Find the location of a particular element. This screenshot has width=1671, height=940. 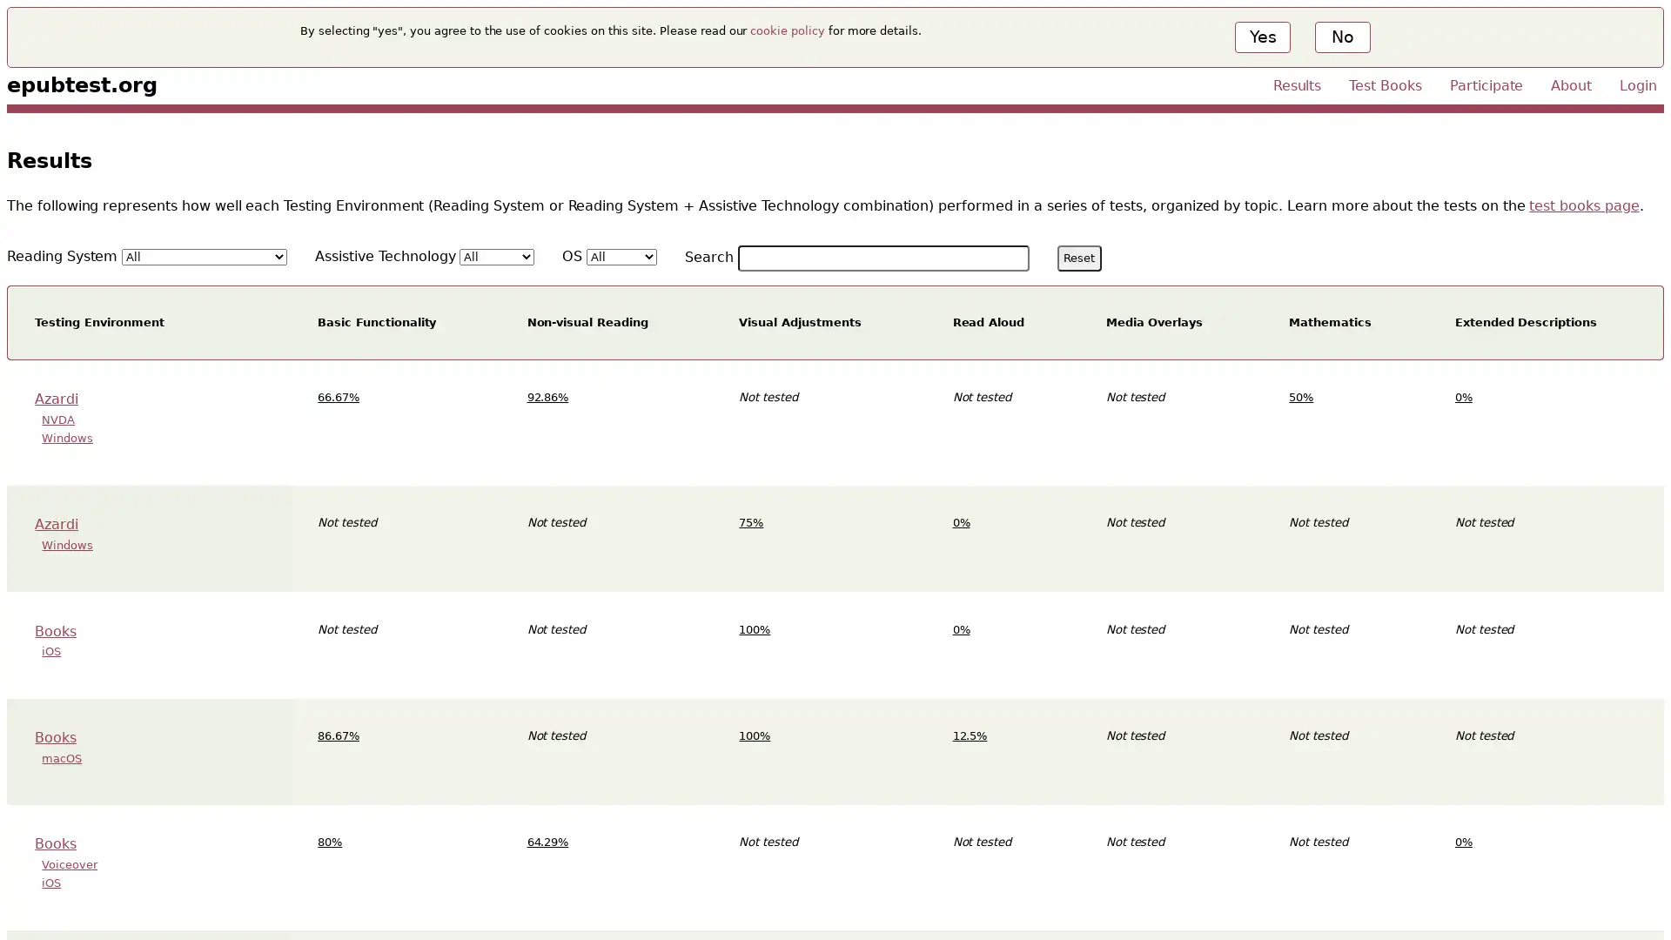

Media Overlays is located at coordinates (1153, 322).